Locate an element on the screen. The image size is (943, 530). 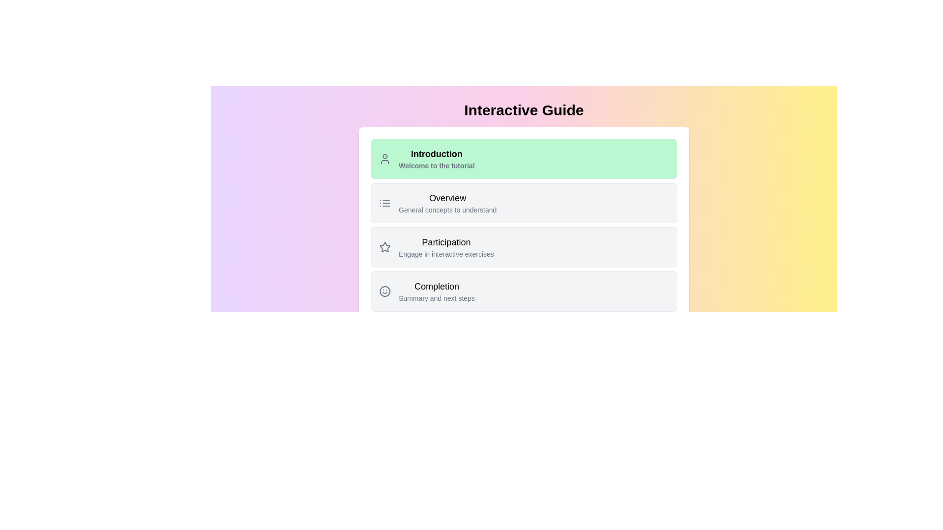
the 'Completion' label that summarizes the associated content or actions under 'Summary and next steps', positioned below 'Participation' in the main content area is located at coordinates (436, 291).